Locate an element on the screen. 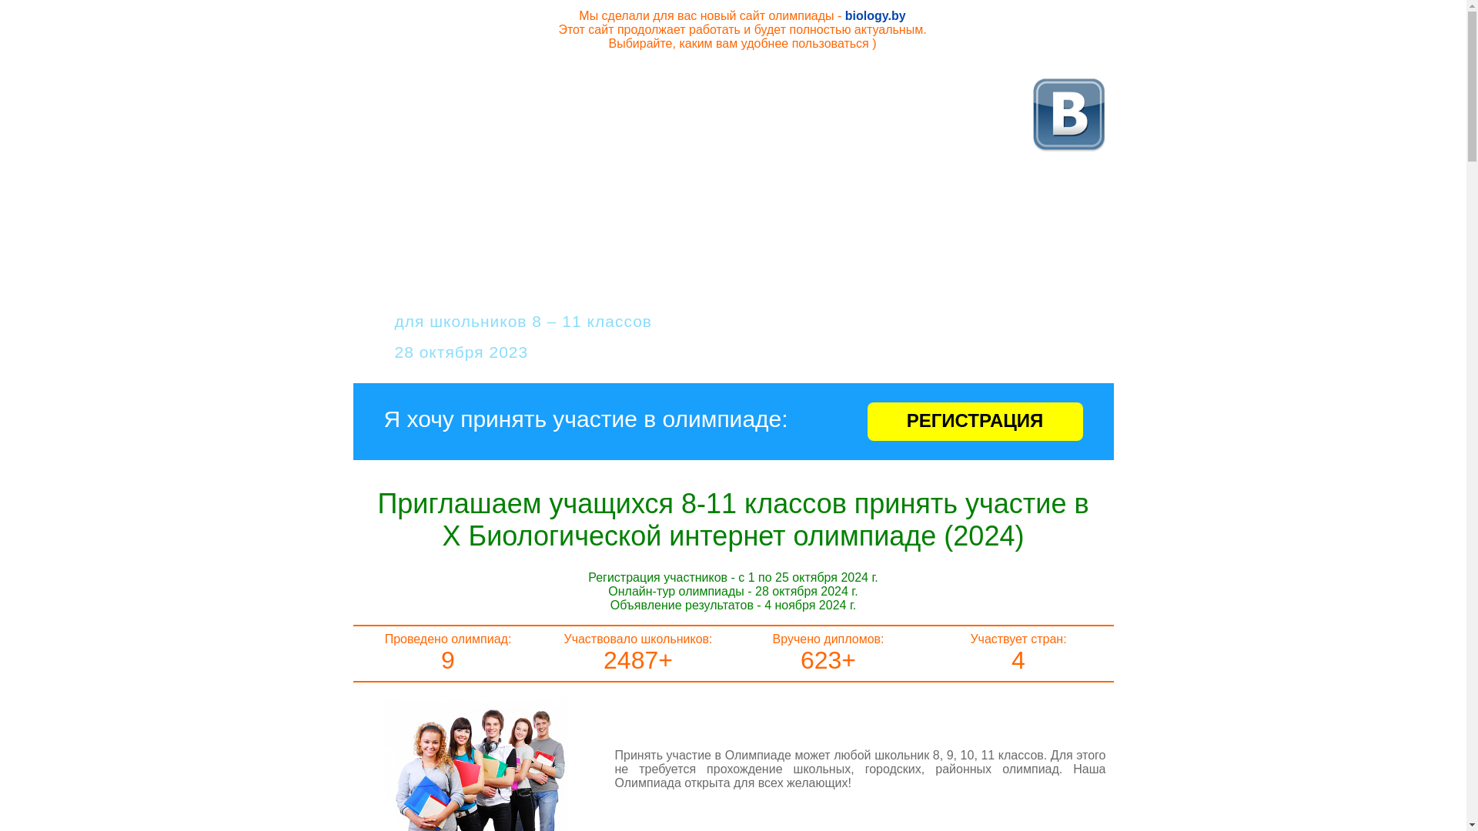  'biology.by' is located at coordinates (875, 15).